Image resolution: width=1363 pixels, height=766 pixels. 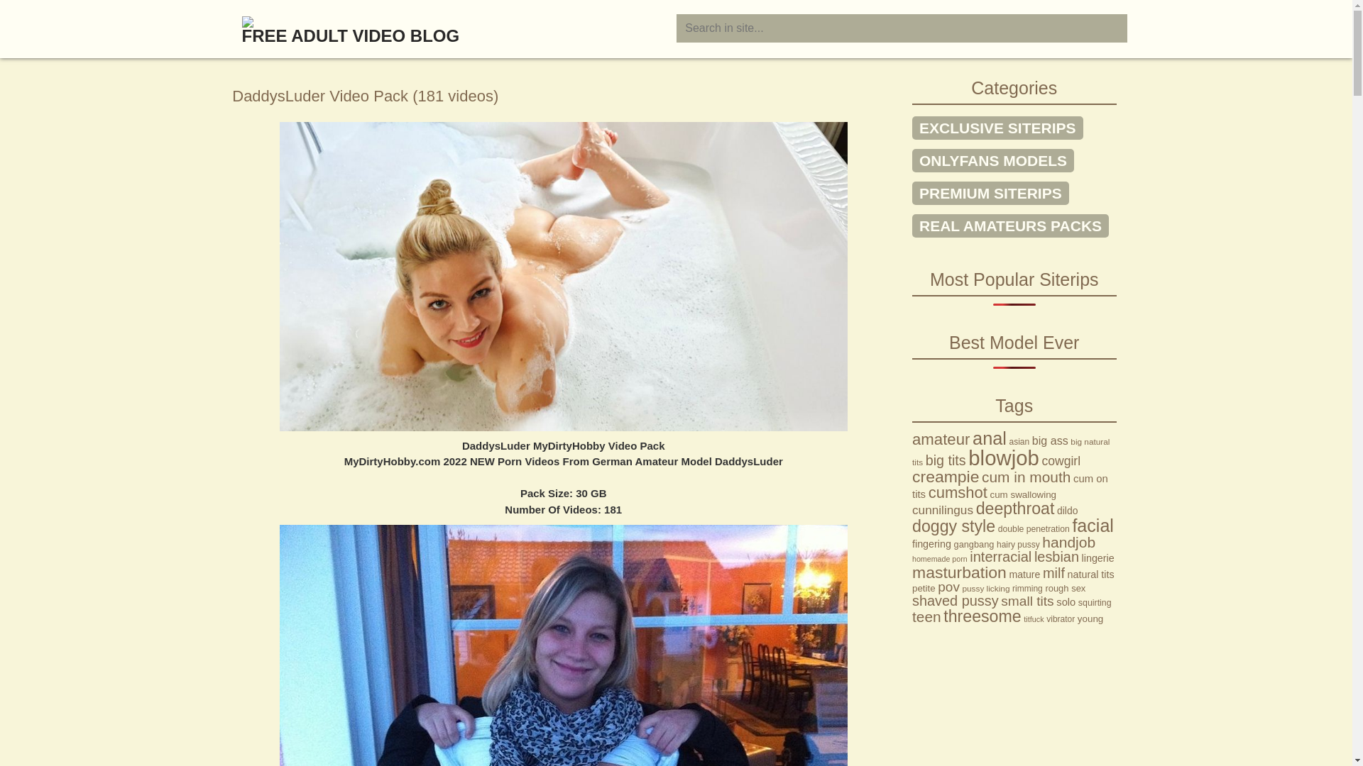 What do you see at coordinates (953, 526) in the screenshot?
I see `'doggy style'` at bounding box center [953, 526].